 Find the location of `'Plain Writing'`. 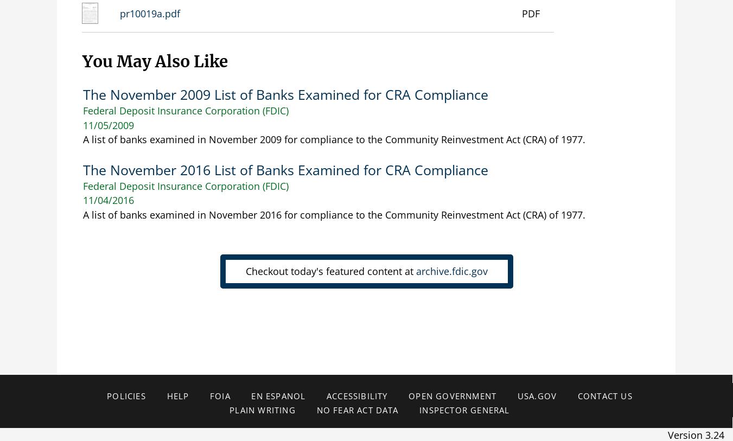

'Plain Writing' is located at coordinates (262, 410).